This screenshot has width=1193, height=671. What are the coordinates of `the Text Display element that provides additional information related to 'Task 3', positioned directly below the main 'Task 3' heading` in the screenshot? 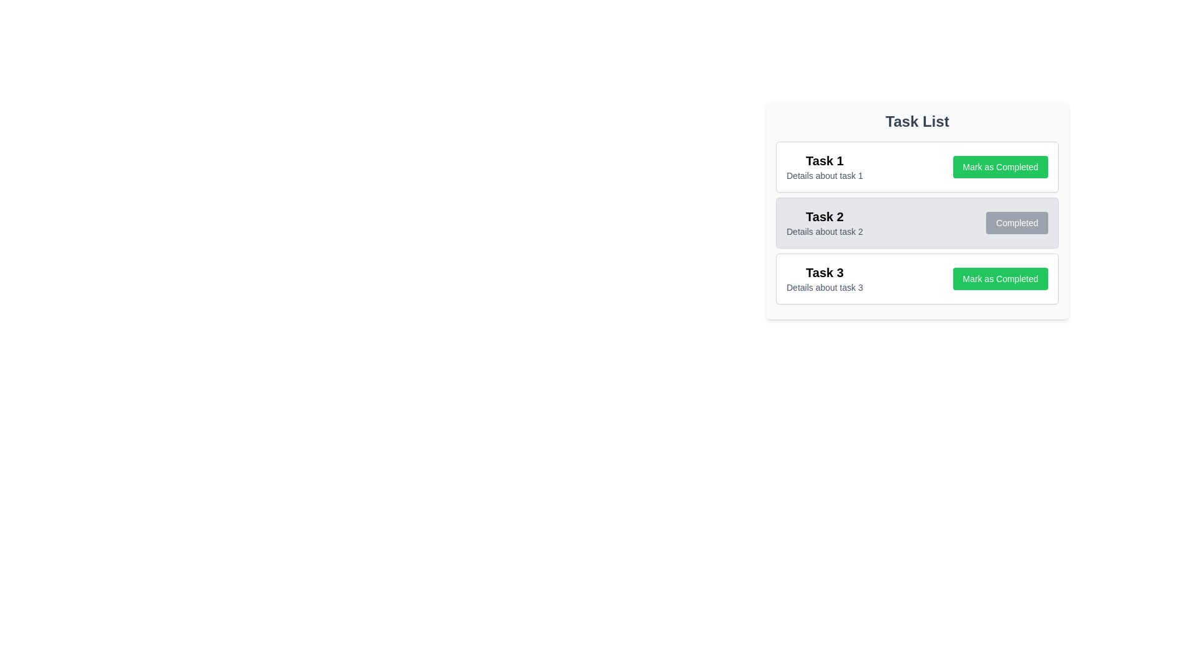 It's located at (825, 287).